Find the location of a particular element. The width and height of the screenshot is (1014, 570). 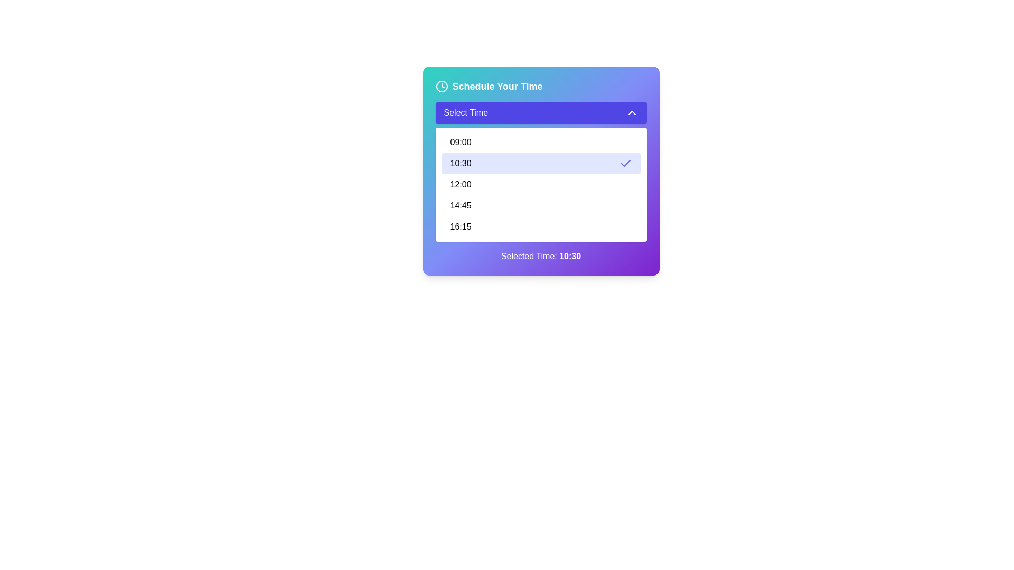

the selectable time slot item in the scheduling interface that sets the time to '10:30' is located at coordinates (541, 163).